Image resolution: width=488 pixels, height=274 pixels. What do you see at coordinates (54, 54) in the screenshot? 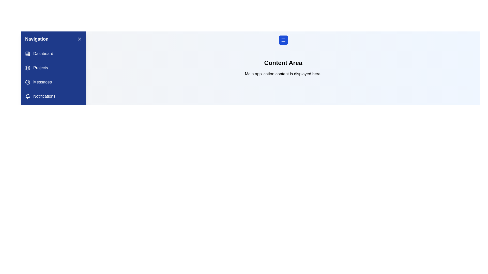
I see `the navigation menu item labeled Dashboard` at bounding box center [54, 54].